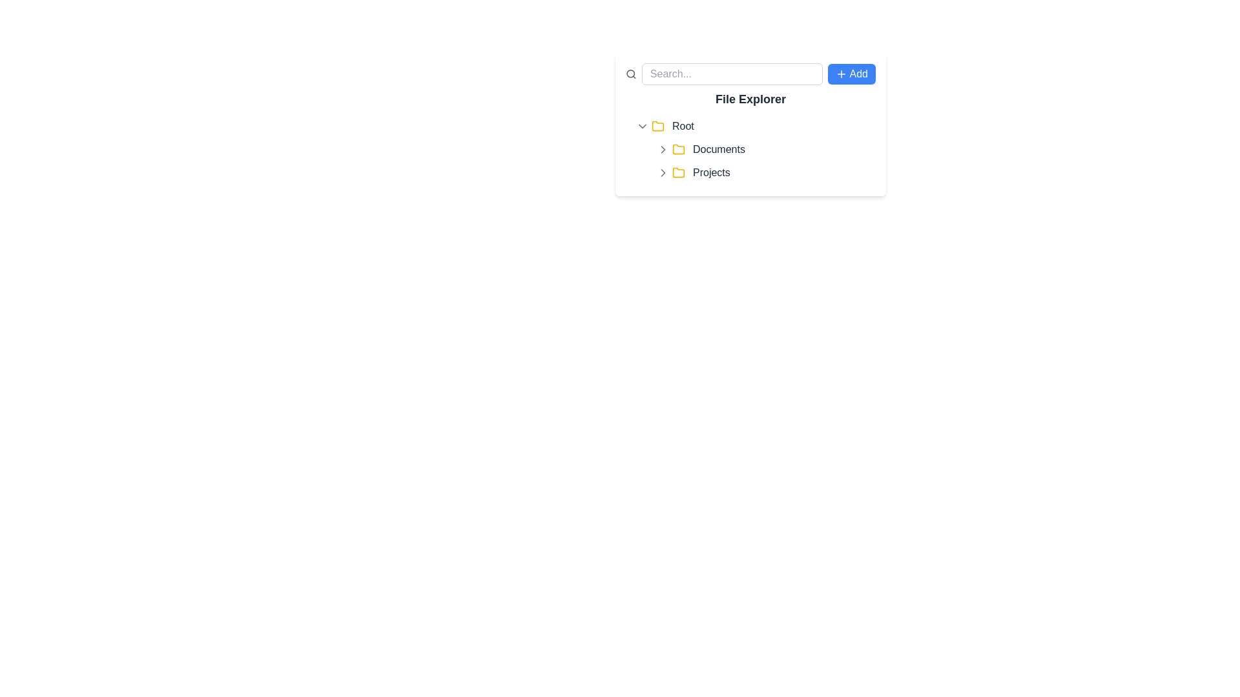  I want to click on the 'Documents' text label, which is styled in dark gray and positioned to the right of a yellow folder icon, so click(718, 148).